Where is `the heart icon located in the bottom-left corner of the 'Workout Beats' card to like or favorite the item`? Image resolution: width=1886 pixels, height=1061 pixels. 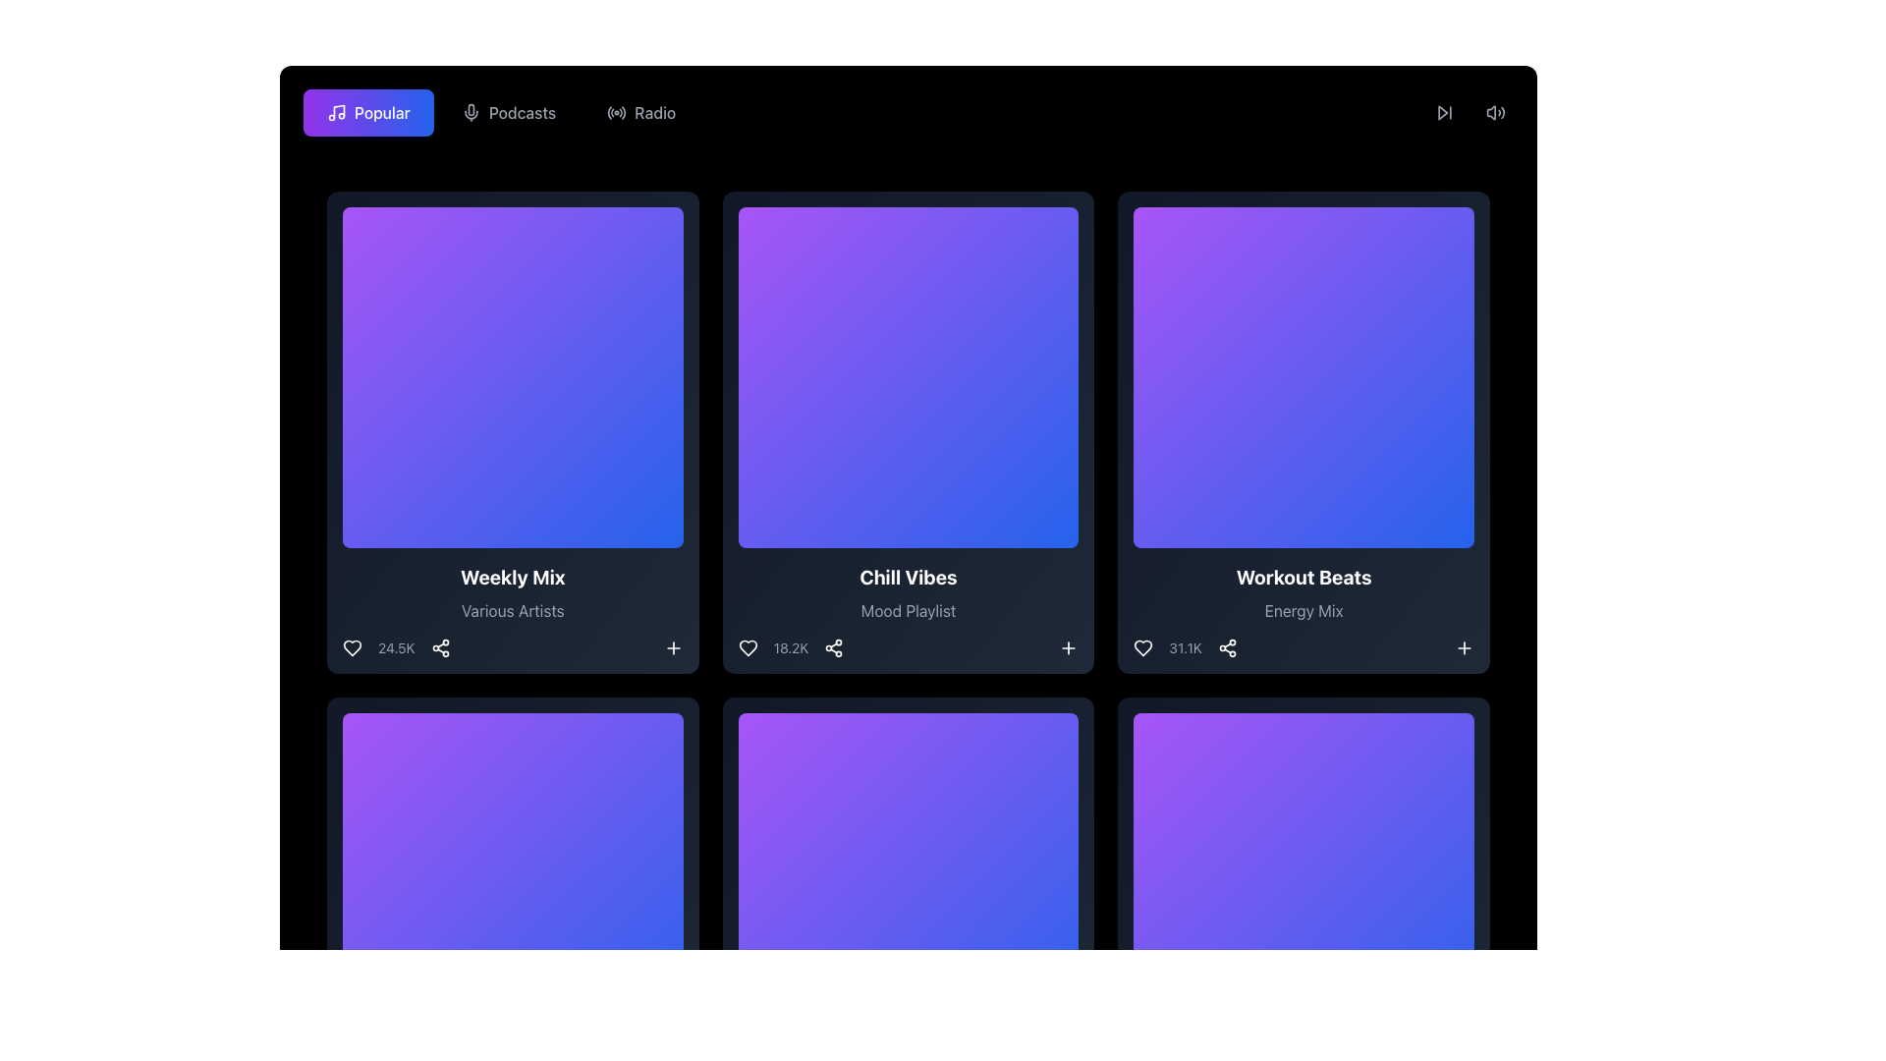 the heart icon located in the bottom-left corner of the 'Workout Beats' card to like or favorite the item is located at coordinates (1143, 647).